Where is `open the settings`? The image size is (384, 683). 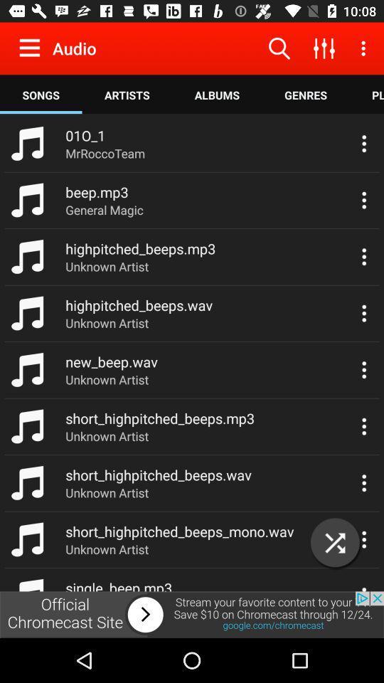
open the settings is located at coordinates (33, 48).